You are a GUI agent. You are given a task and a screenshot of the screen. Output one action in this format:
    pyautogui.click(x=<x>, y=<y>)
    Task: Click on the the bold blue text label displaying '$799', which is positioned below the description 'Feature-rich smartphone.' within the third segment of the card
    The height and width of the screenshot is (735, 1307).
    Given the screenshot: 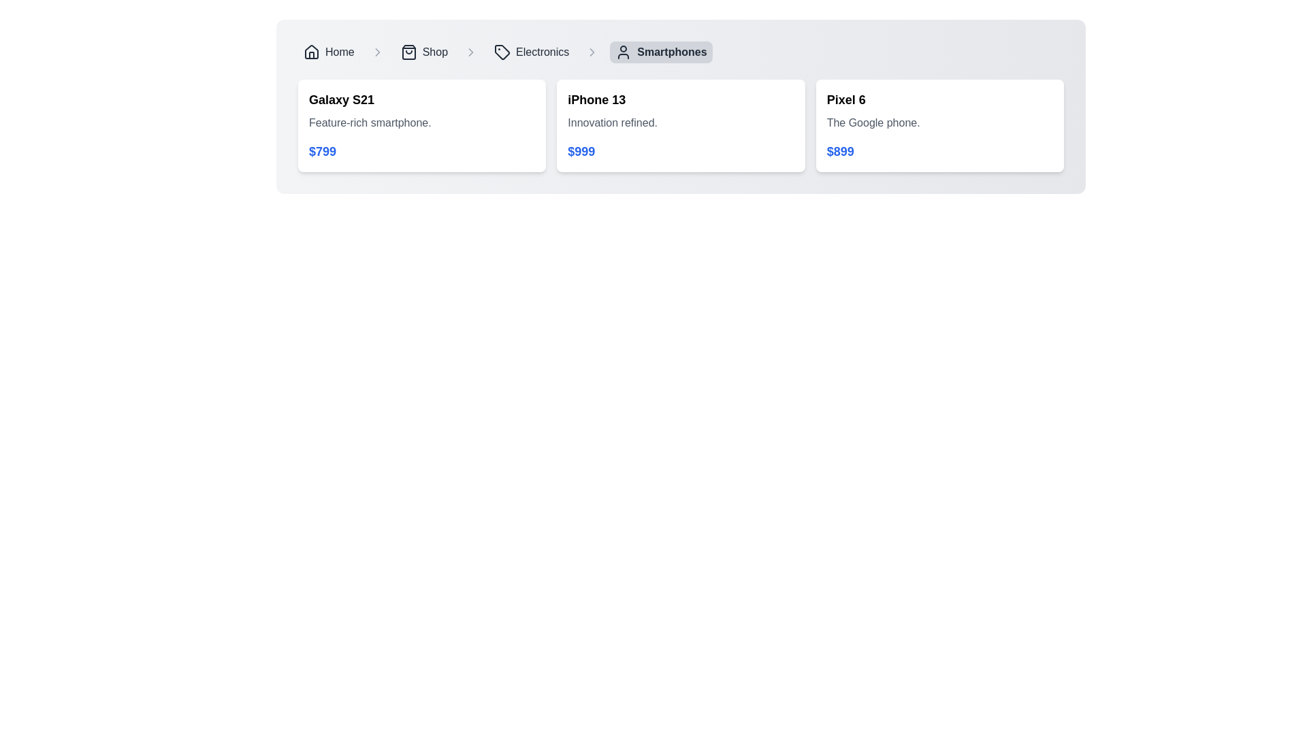 What is the action you would take?
    pyautogui.click(x=322, y=152)
    